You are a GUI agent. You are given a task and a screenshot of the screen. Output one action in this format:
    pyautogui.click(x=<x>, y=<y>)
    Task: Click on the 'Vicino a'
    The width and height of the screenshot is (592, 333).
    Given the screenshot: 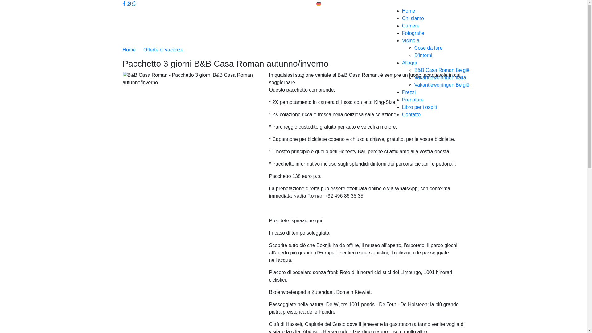 What is the action you would take?
    pyautogui.click(x=411, y=40)
    